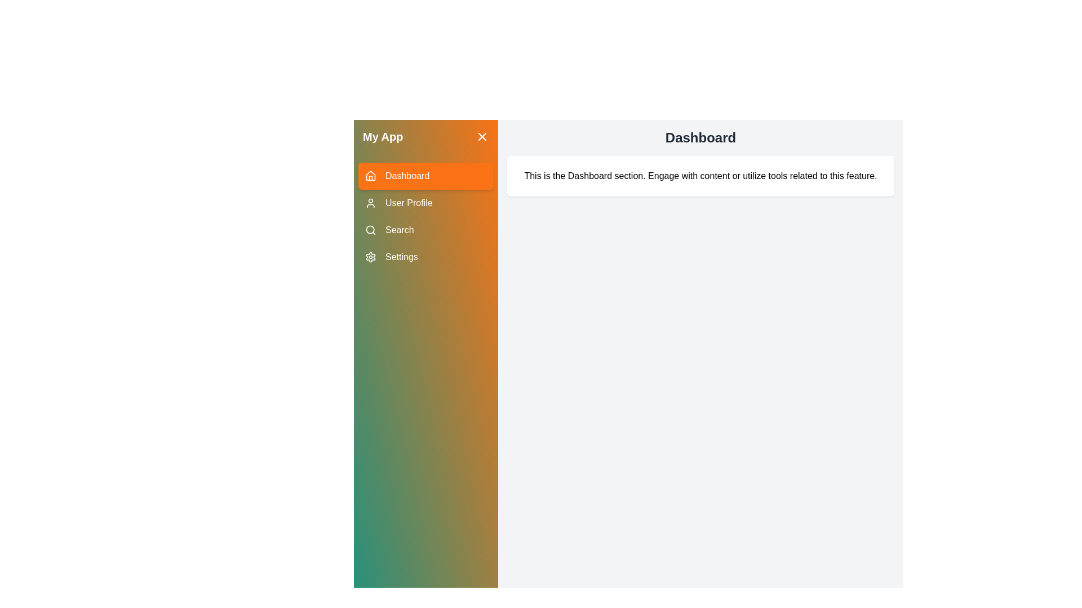 The height and width of the screenshot is (608, 1082). What do you see at coordinates (425, 203) in the screenshot?
I see `the menu item labeled User Profile to change the active section` at bounding box center [425, 203].